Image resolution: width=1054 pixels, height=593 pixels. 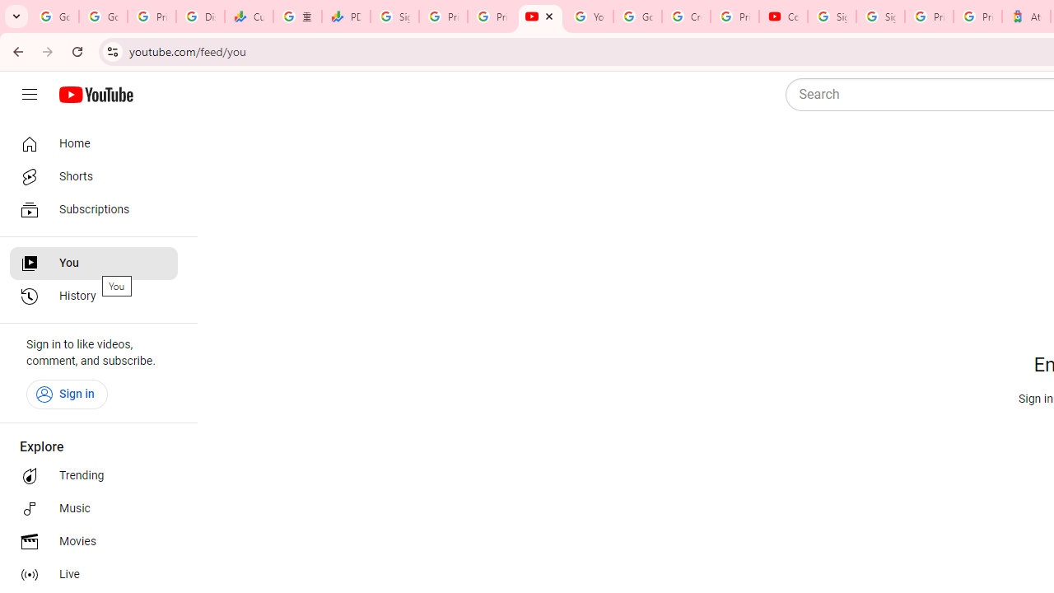 What do you see at coordinates (92, 208) in the screenshot?
I see `'Subscriptions'` at bounding box center [92, 208].